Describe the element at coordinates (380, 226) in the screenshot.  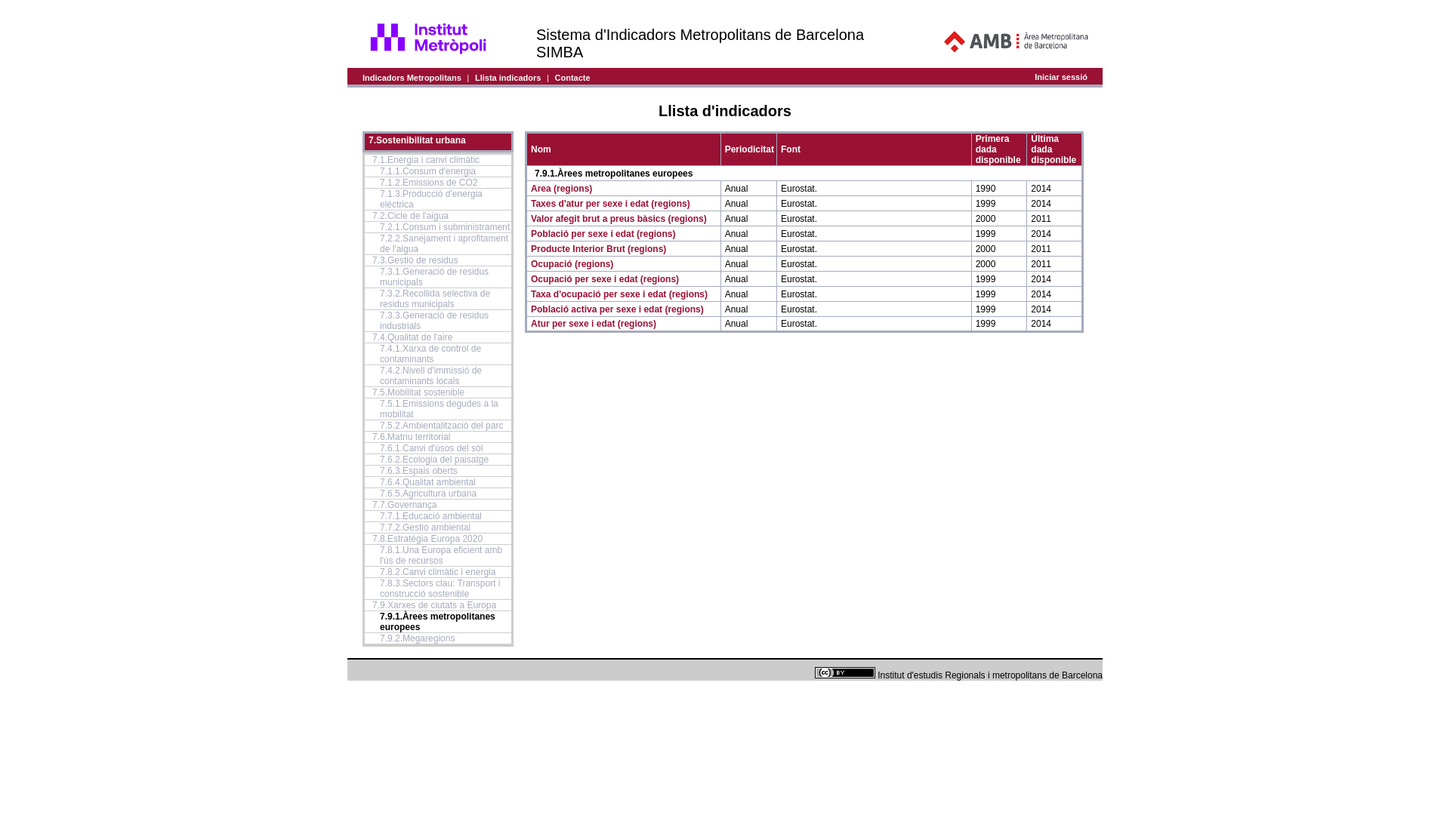
I see `'7.2.1.Consum i subministrament'` at that location.